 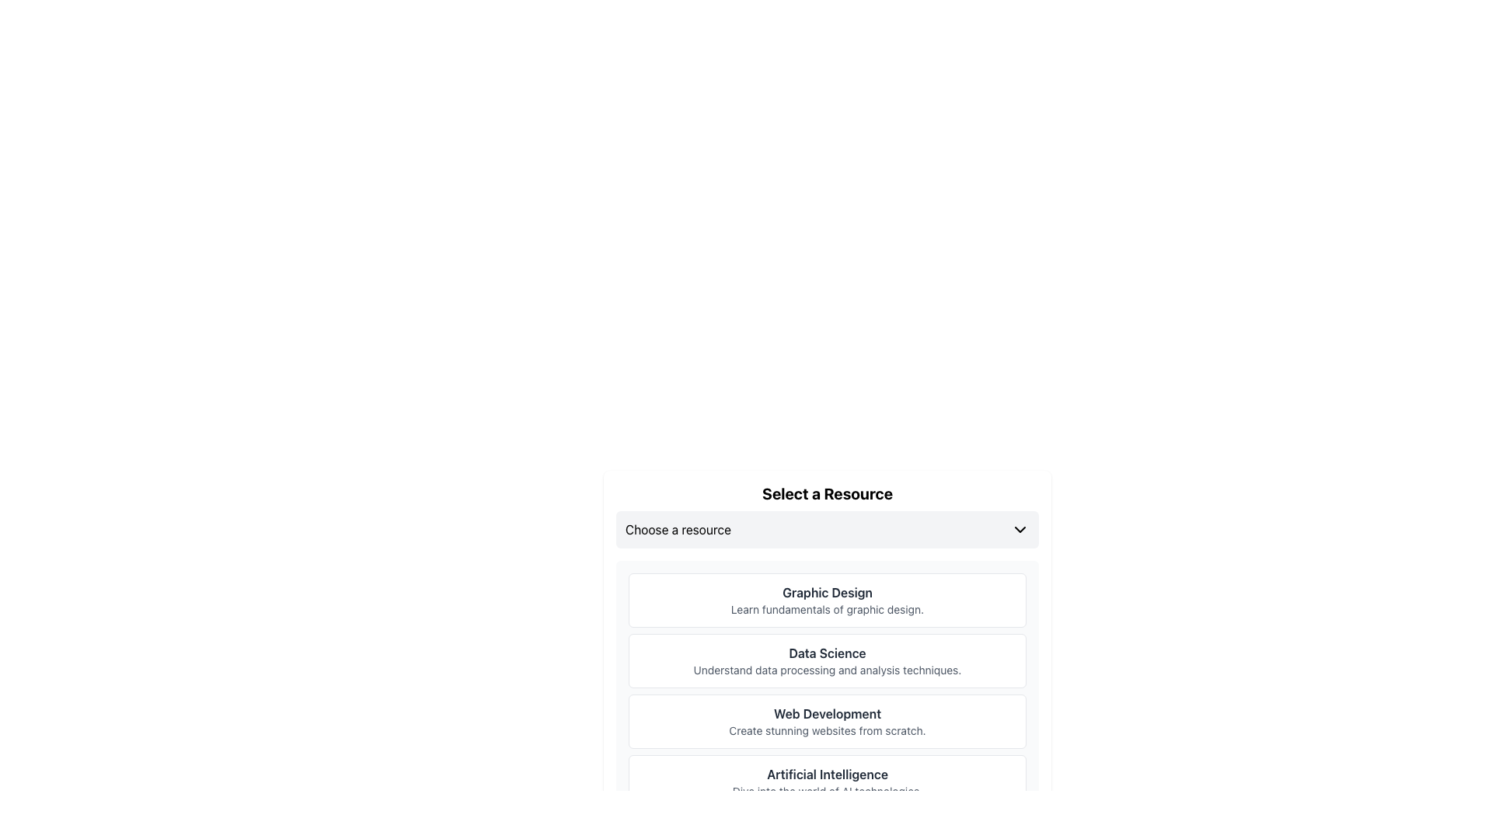 I want to click on the title text of the fourth selectable option in the list, which provides a preview of the associated topic or resource, so click(x=827, y=774).